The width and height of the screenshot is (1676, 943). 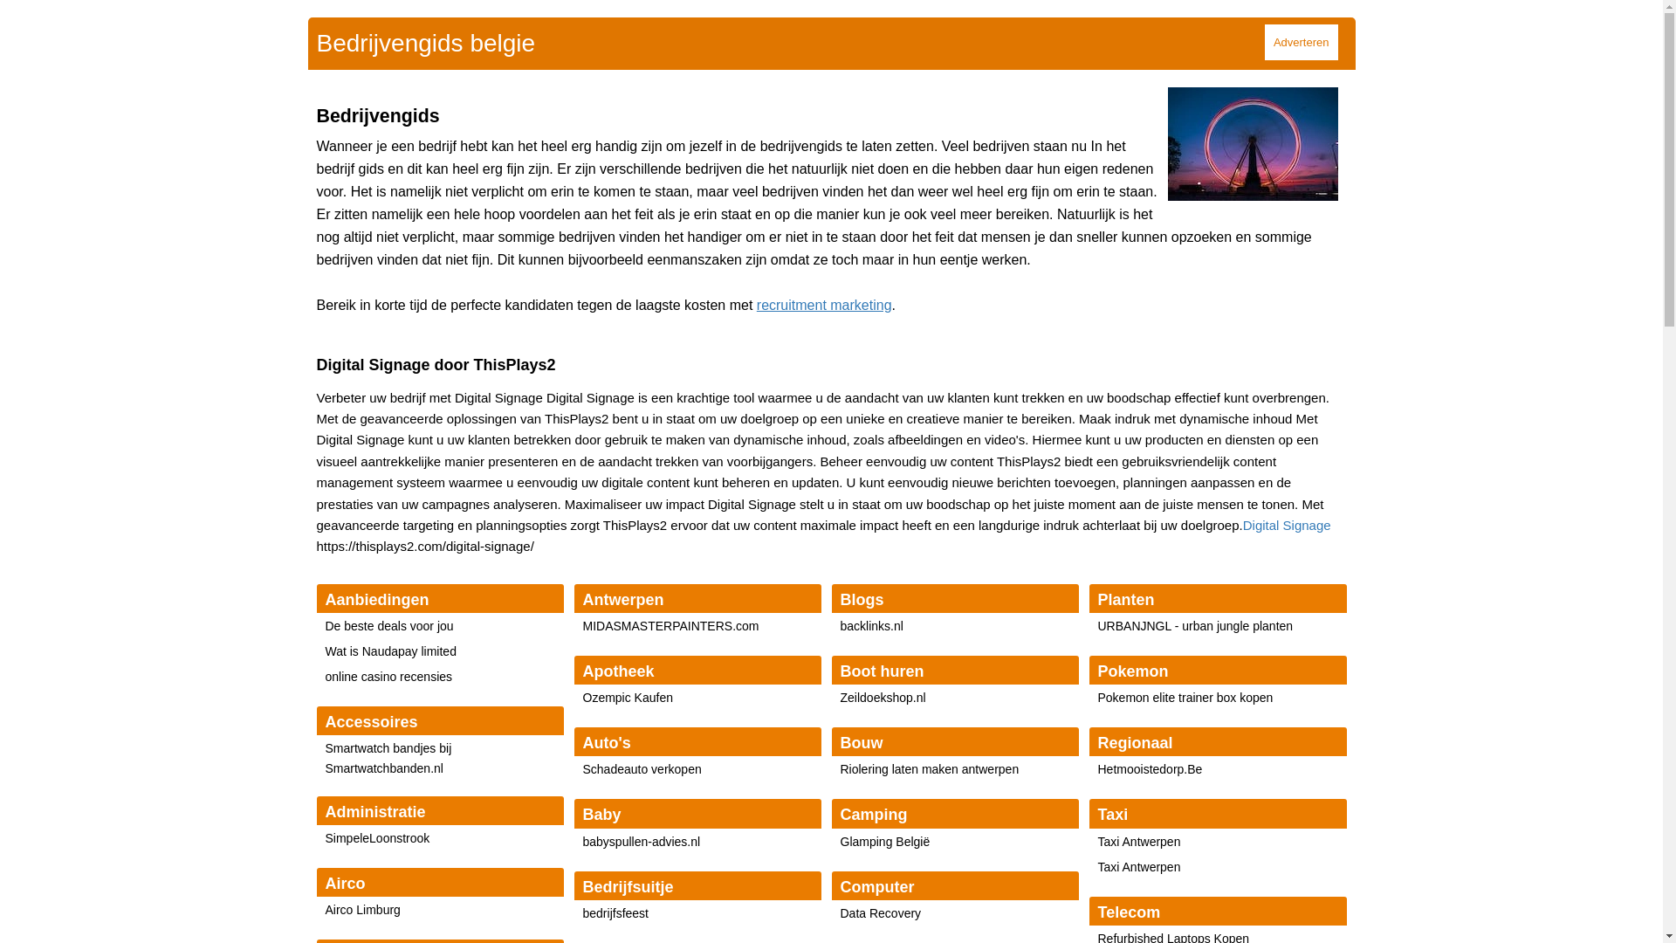 I want to click on 'Data Recovery', so click(x=880, y=912).